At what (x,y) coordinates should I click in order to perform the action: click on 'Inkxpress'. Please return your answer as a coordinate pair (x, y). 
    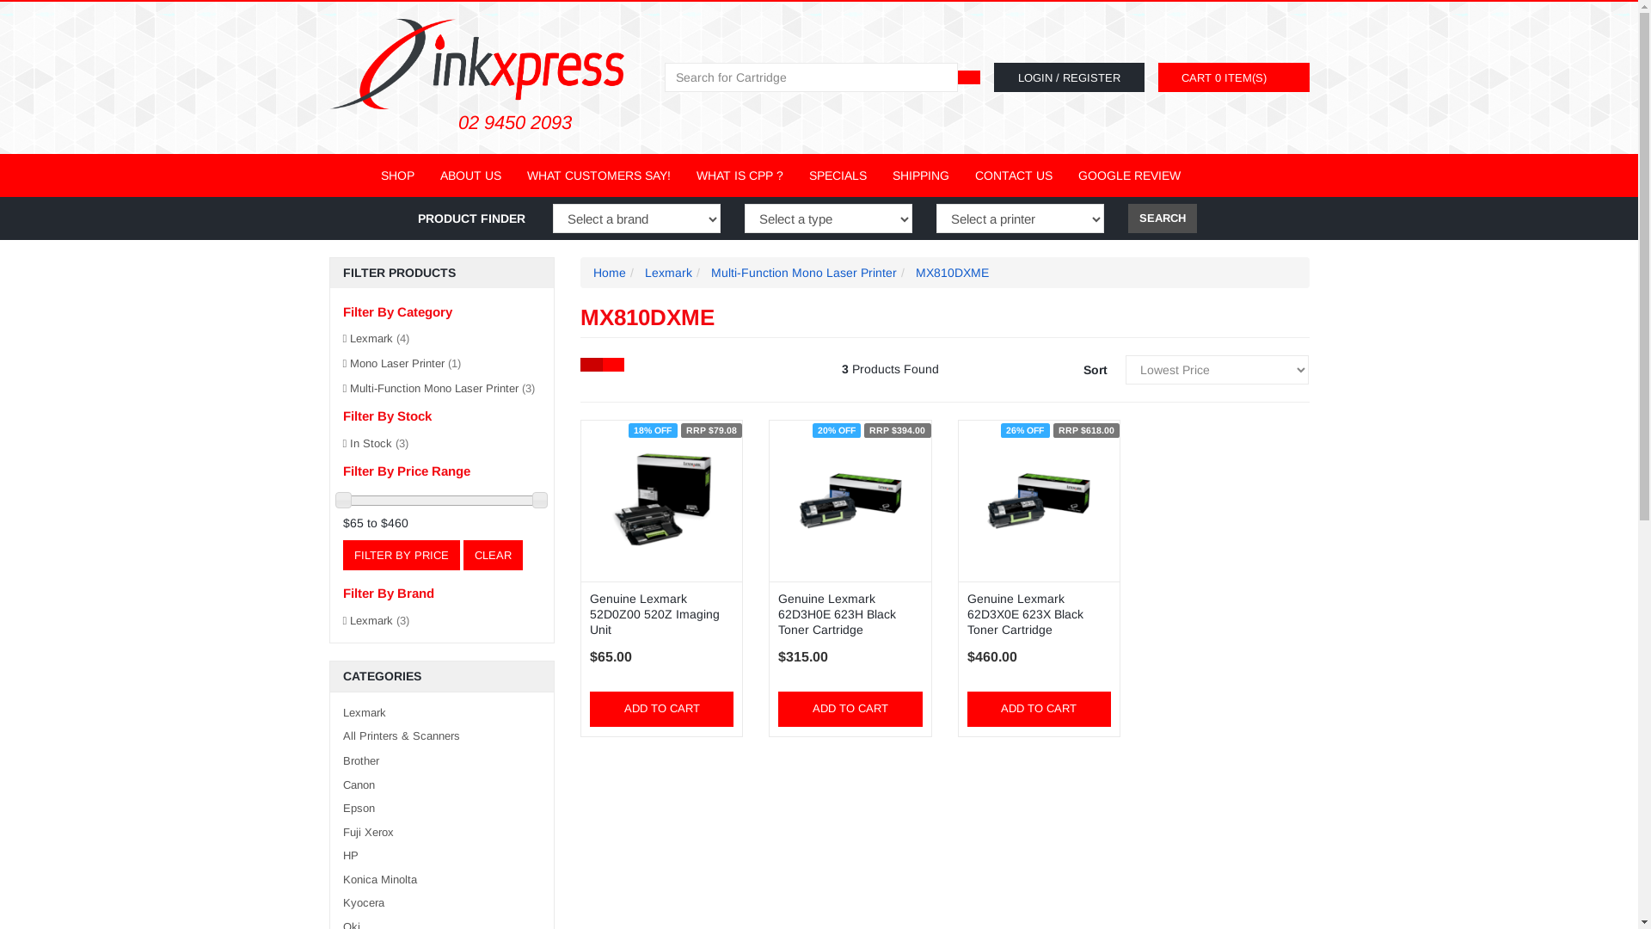
    Looking at the image, I should click on (482, 52).